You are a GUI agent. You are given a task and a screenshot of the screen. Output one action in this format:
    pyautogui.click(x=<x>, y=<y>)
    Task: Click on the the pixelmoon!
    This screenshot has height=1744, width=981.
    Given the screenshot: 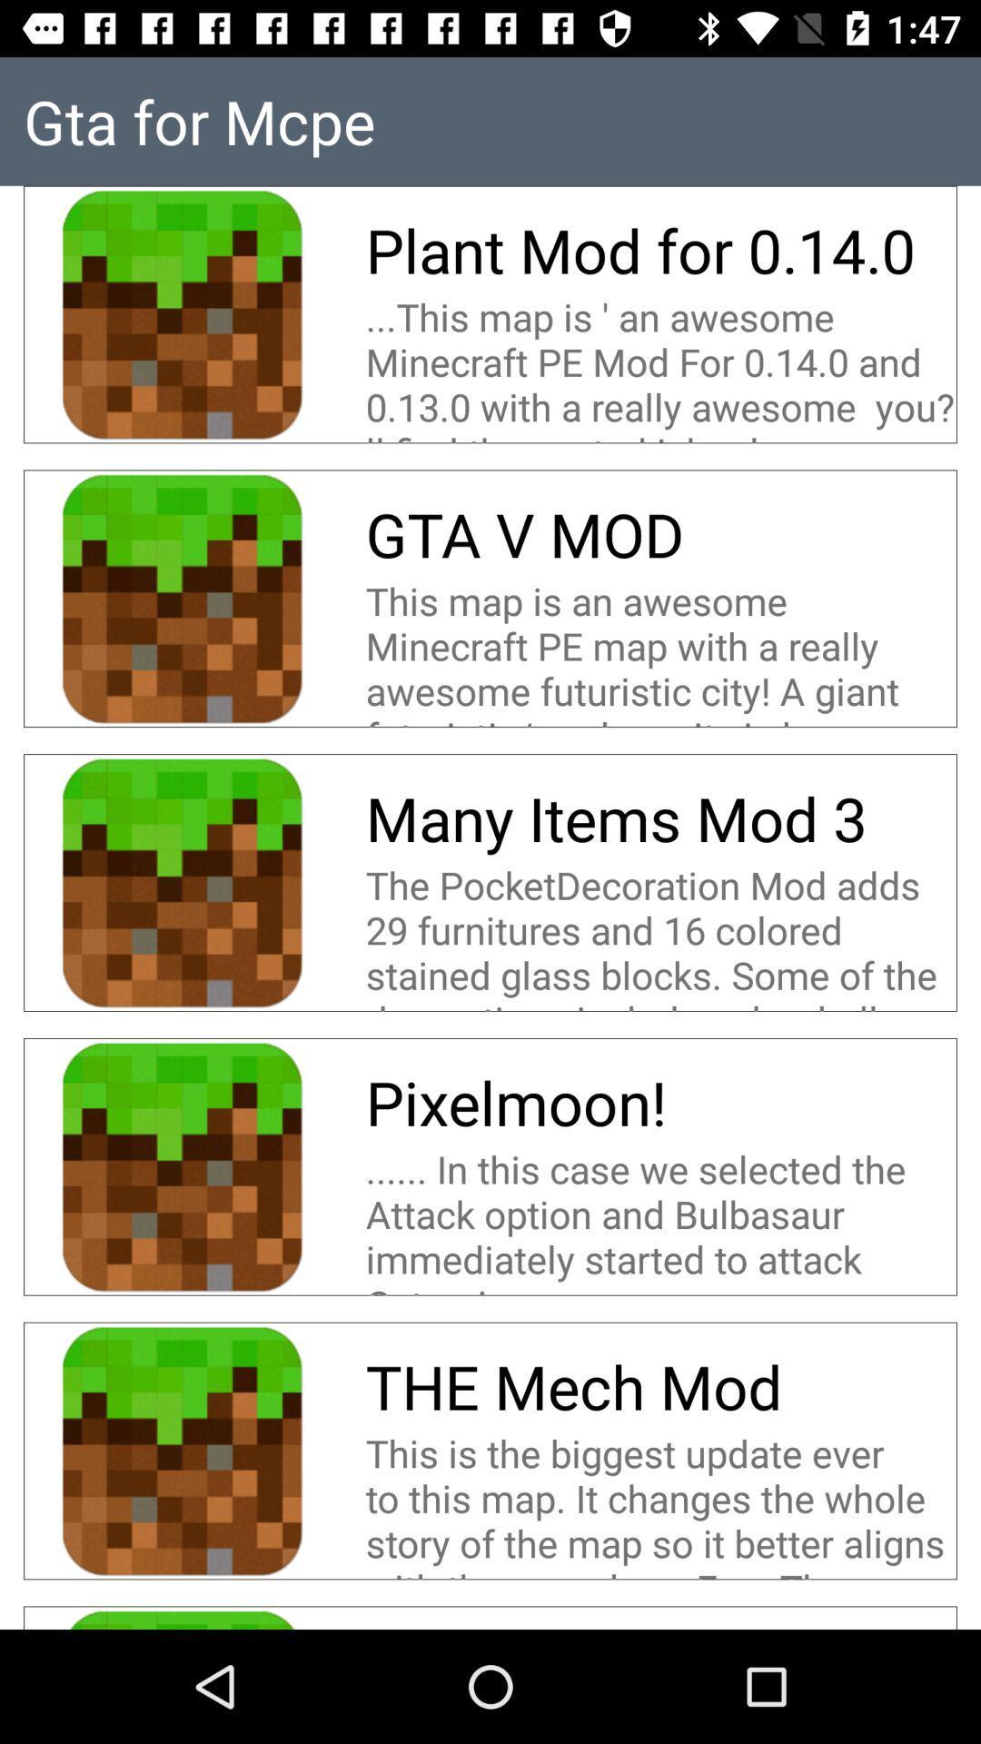 What is the action you would take?
    pyautogui.click(x=516, y=1101)
    